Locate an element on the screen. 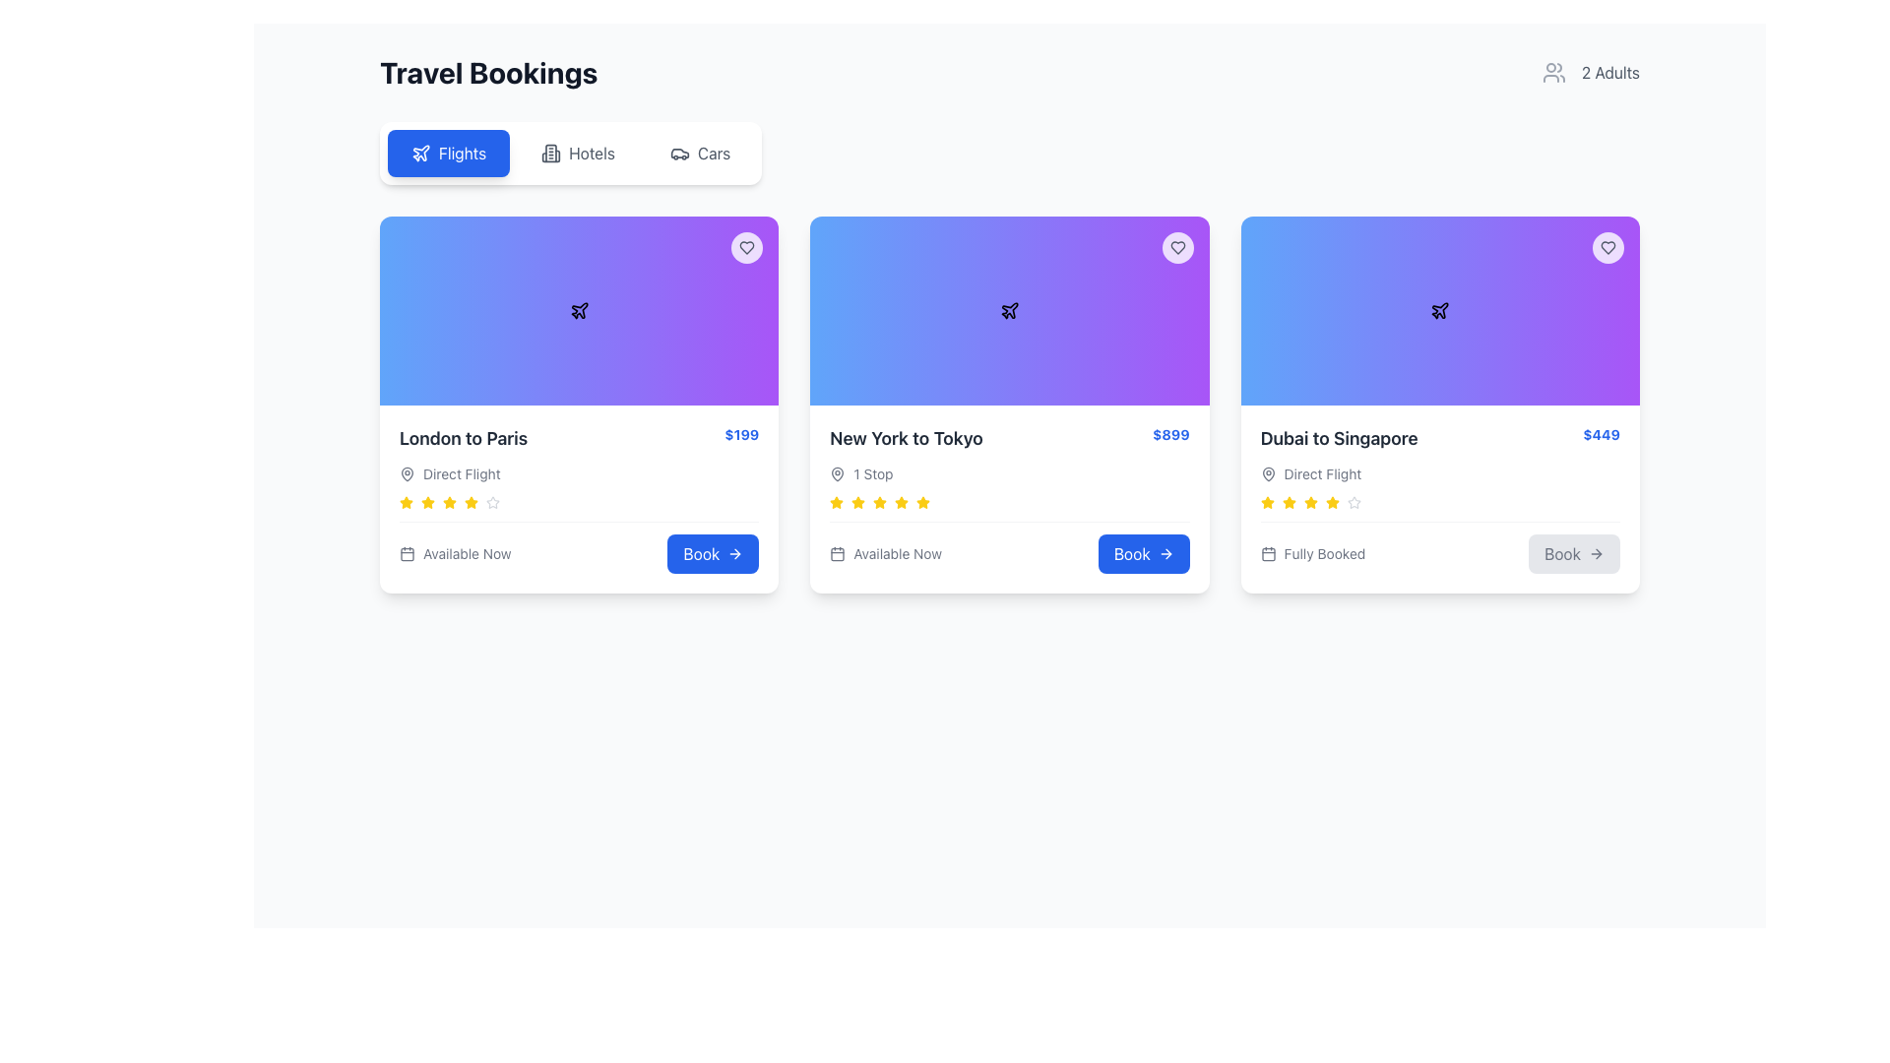  the fifth yellow star icon in the rating component located below the title "Dubai to Singapore" in the third card of the list is located at coordinates (1332, 501).